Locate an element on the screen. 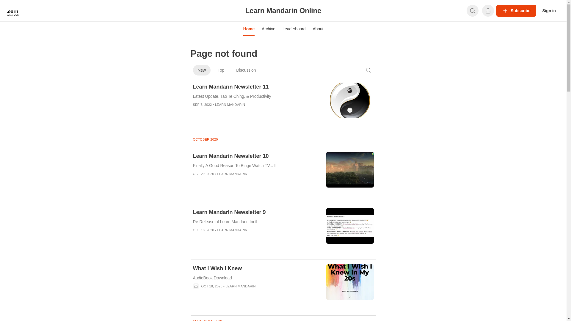 This screenshot has width=571, height=321. 'AudioBook Download' is located at coordinates (255, 278).